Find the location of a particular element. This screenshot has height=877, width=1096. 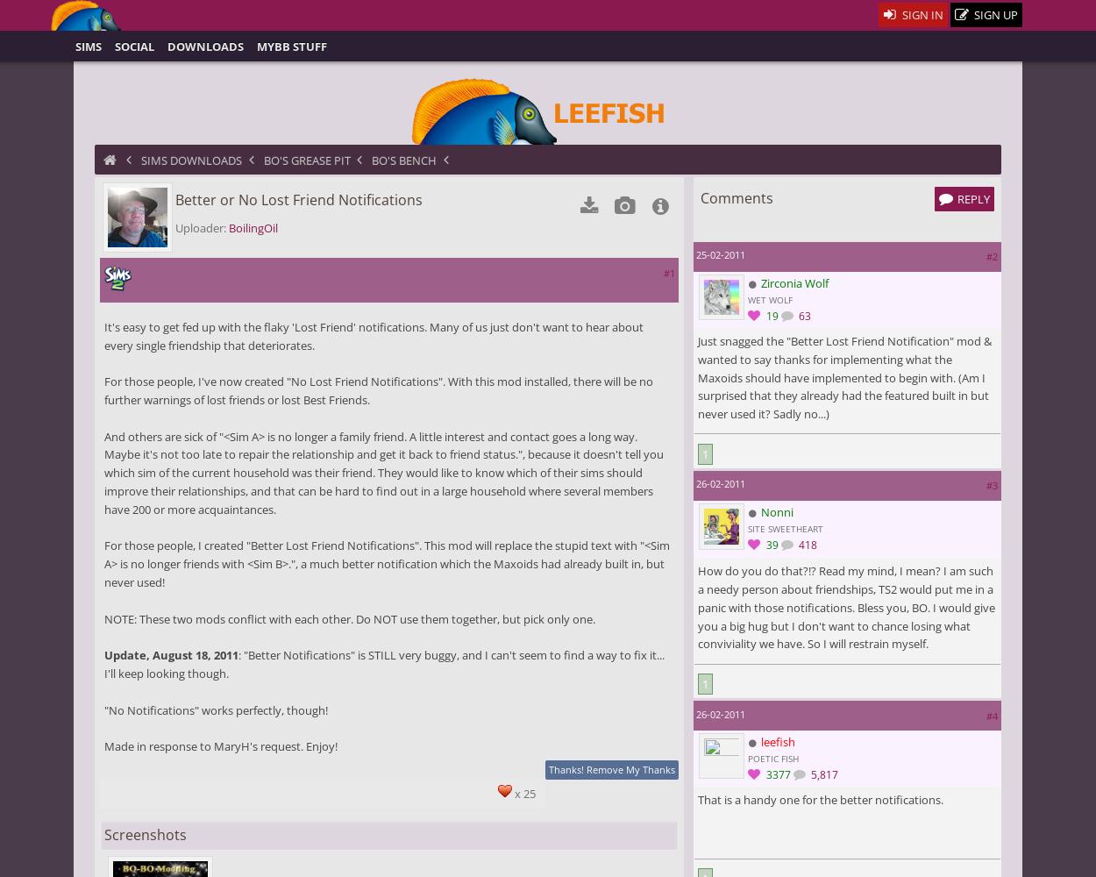

'It's easy to get fed up with the flaky 'Lost Friend' notifications. Many of us just don't want to hear about every single friendship that deteriorates.' is located at coordinates (373, 335).